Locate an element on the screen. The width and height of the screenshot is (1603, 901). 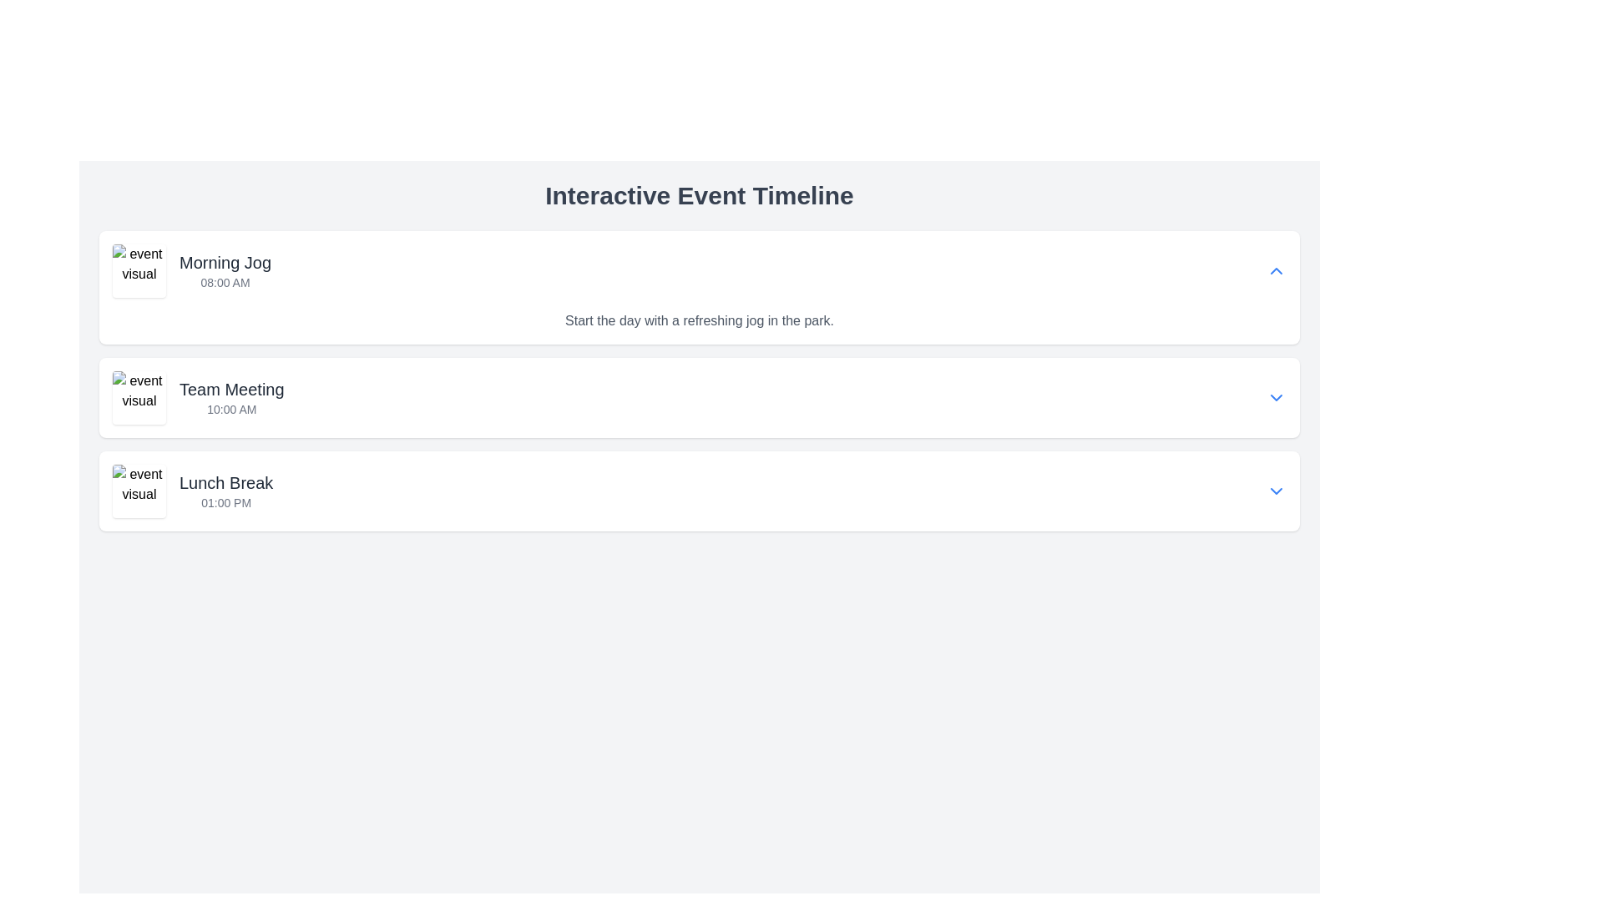
the second list item in the timeline that represents an event, which includes a title and time, to provide additional visual feedback is located at coordinates (700, 398).